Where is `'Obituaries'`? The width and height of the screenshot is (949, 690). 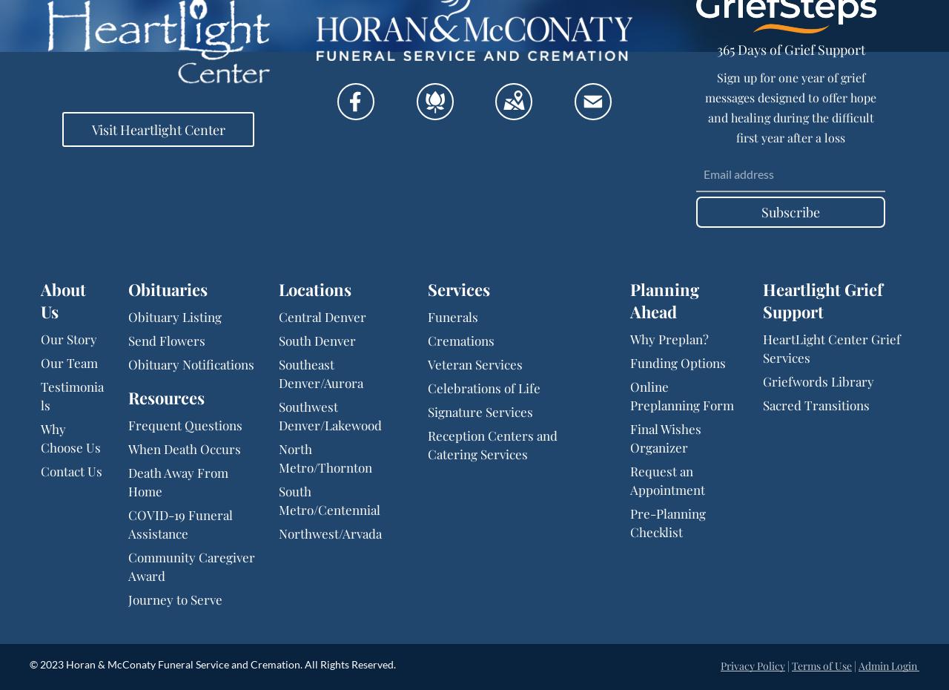 'Obituaries' is located at coordinates (128, 289).